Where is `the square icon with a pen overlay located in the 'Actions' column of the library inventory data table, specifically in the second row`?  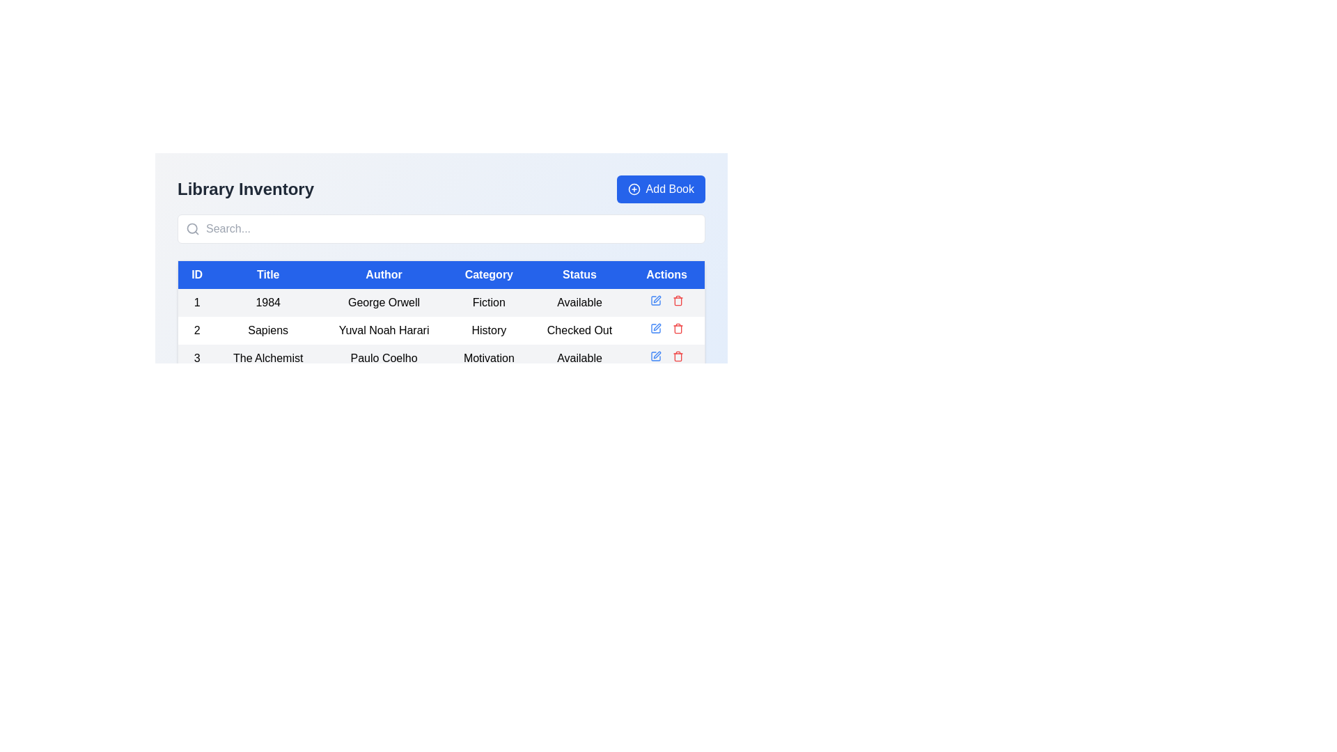 the square icon with a pen overlay located in the 'Actions' column of the library inventory data table, specifically in the second row is located at coordinates (655, 328).